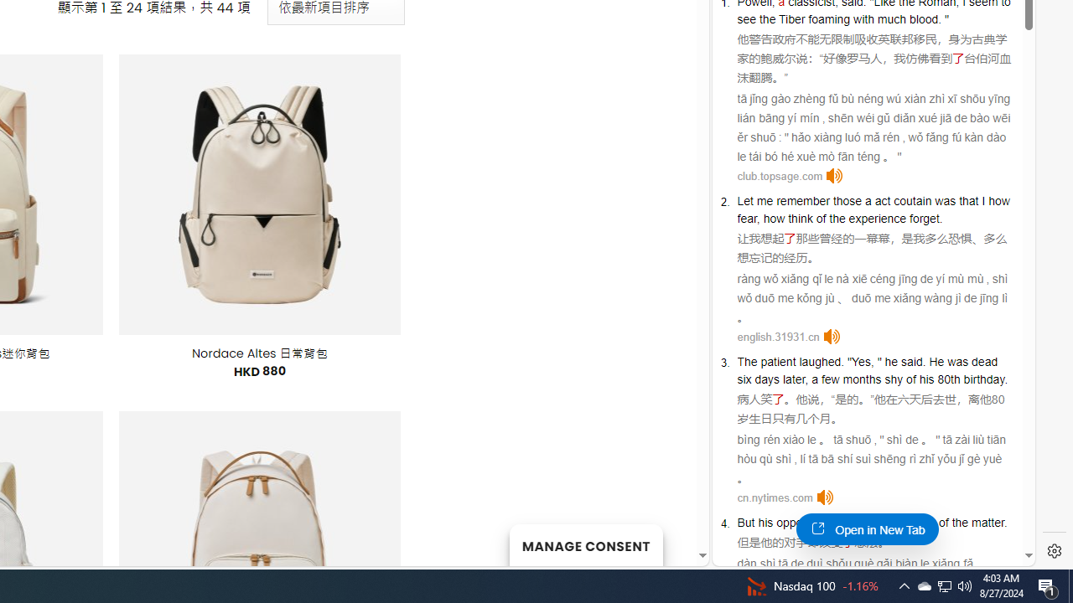 The width and height of the screenshot is (1073, 603). What do you see at coordinates (766, 379) in the screenshot?
I see `'days'` at bounding box center [766, 379].